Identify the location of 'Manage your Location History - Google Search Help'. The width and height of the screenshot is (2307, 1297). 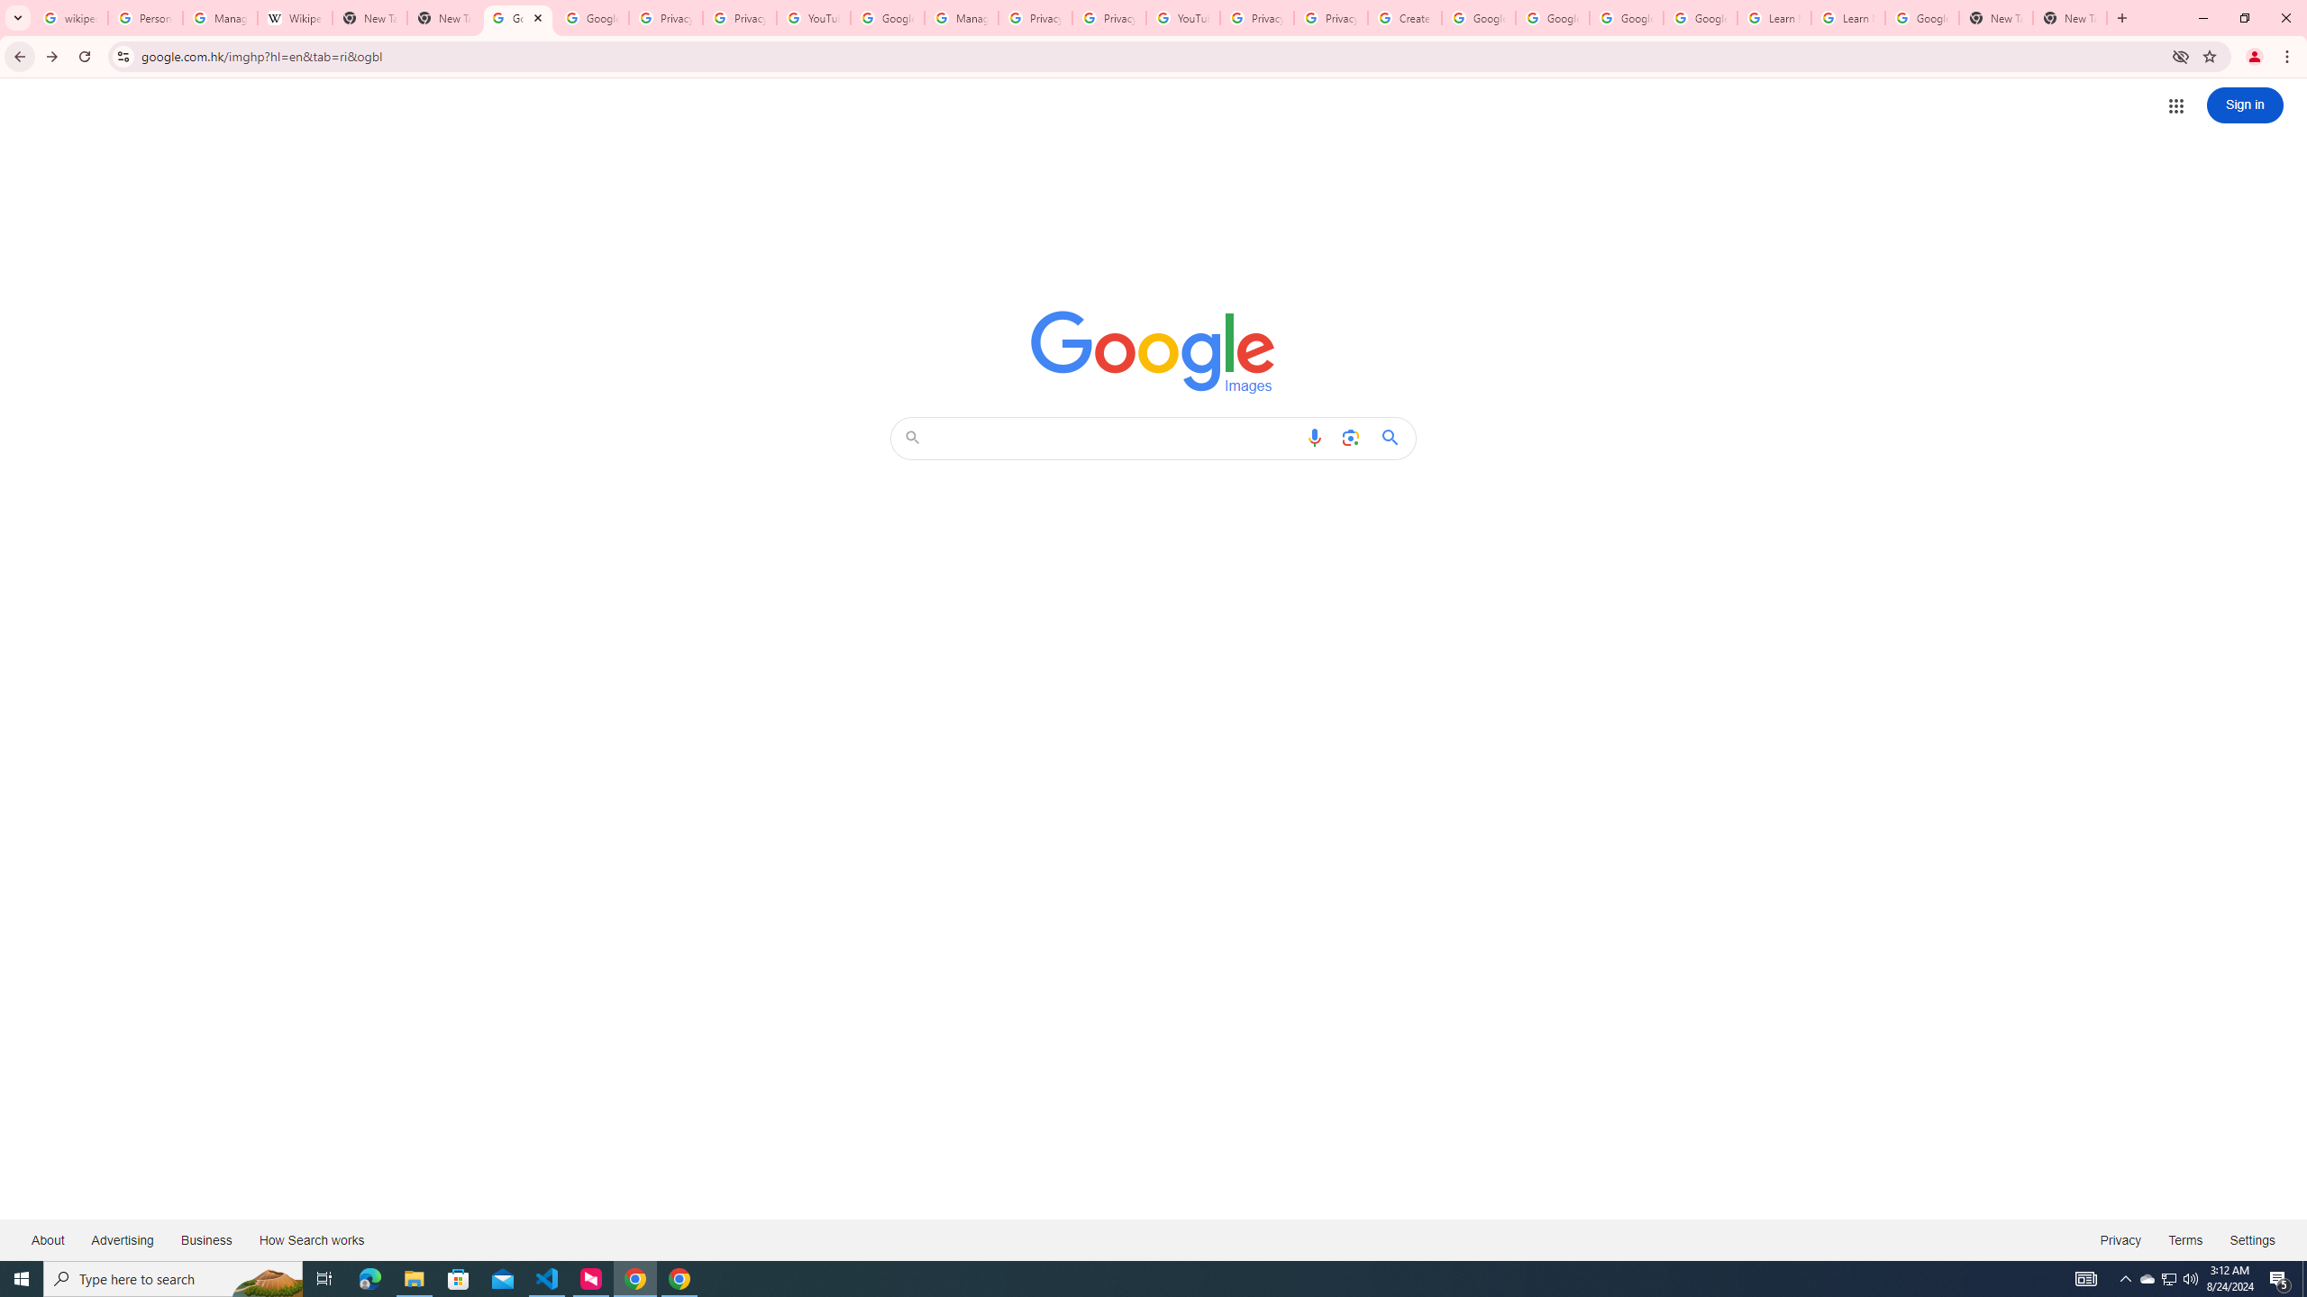
(220, 17).